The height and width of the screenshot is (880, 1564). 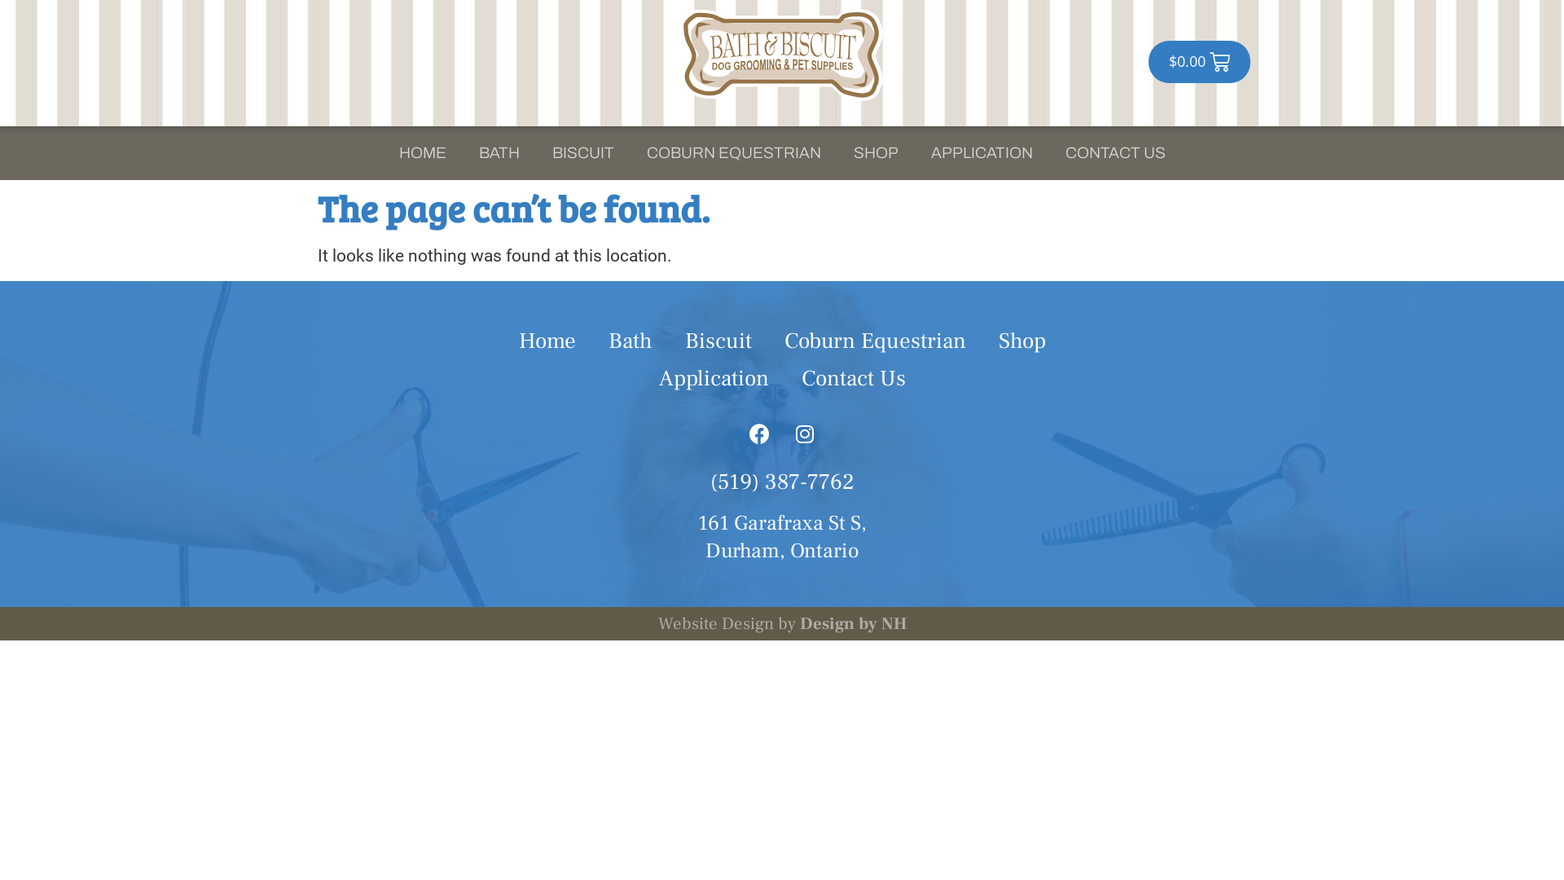 I want to click on 'BISCUIT', so click(x=582, y=153).